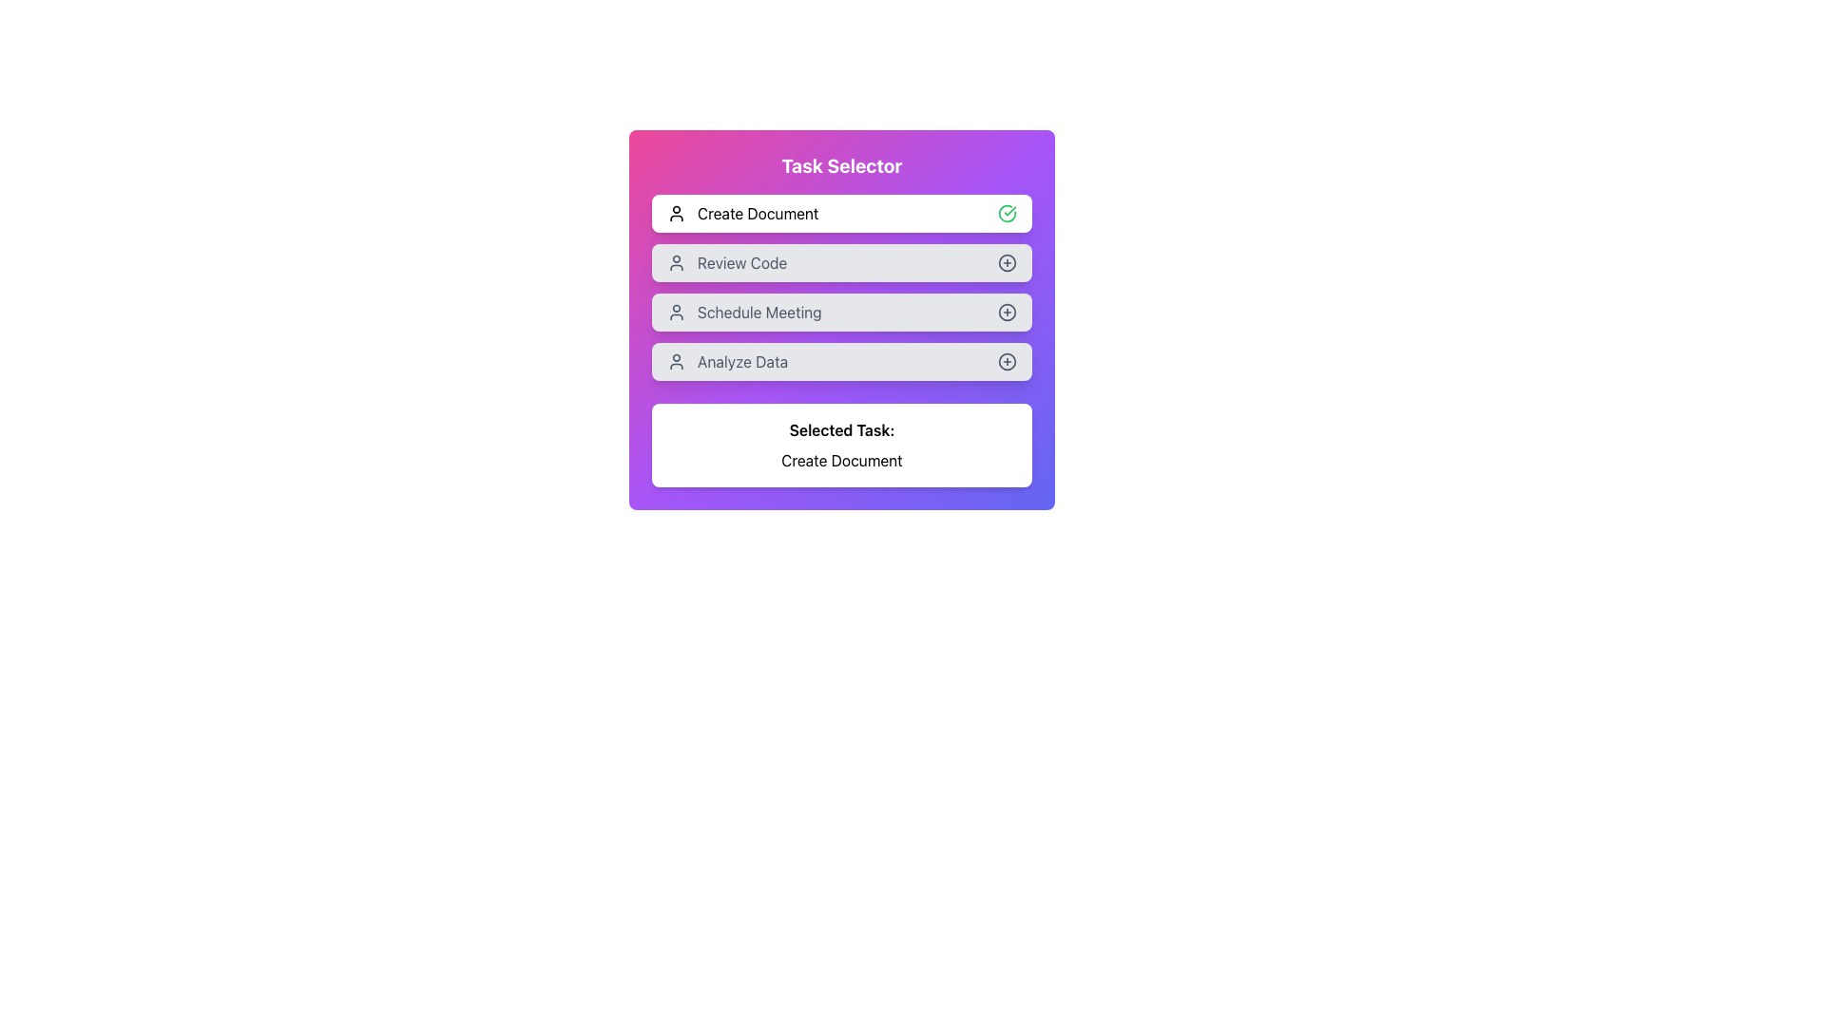  I want to click on the button located at the right end of the 'Analyze Data' option, which serves as an action trigger for adding or selecting the 'Analyze Data' task, so click(1007, 362).